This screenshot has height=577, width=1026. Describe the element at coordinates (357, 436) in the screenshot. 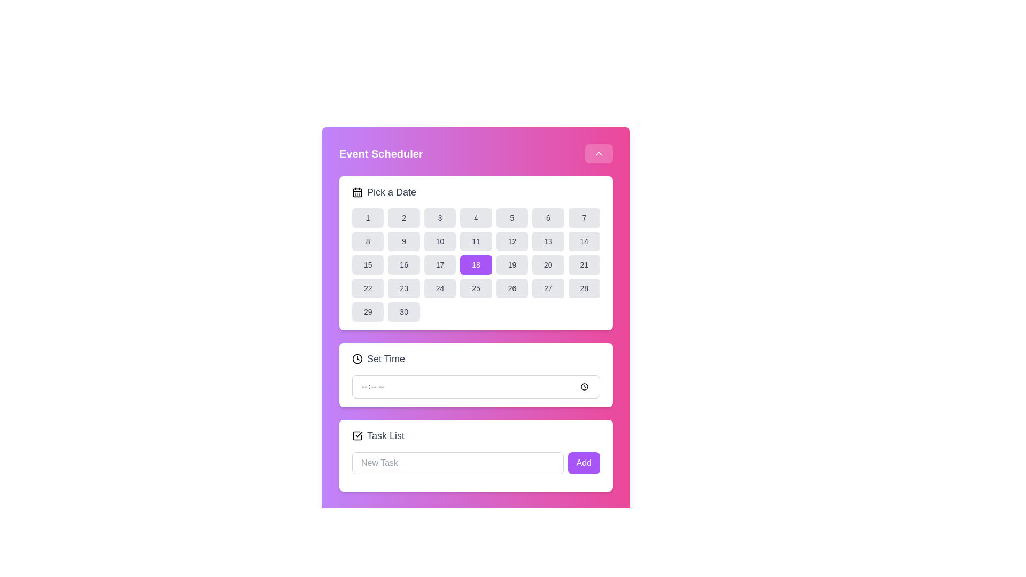

I see `the Checkbox icon, which is a checkmark inside a square box, located in the 'Task List' section before the text 'Task List'` at that location.